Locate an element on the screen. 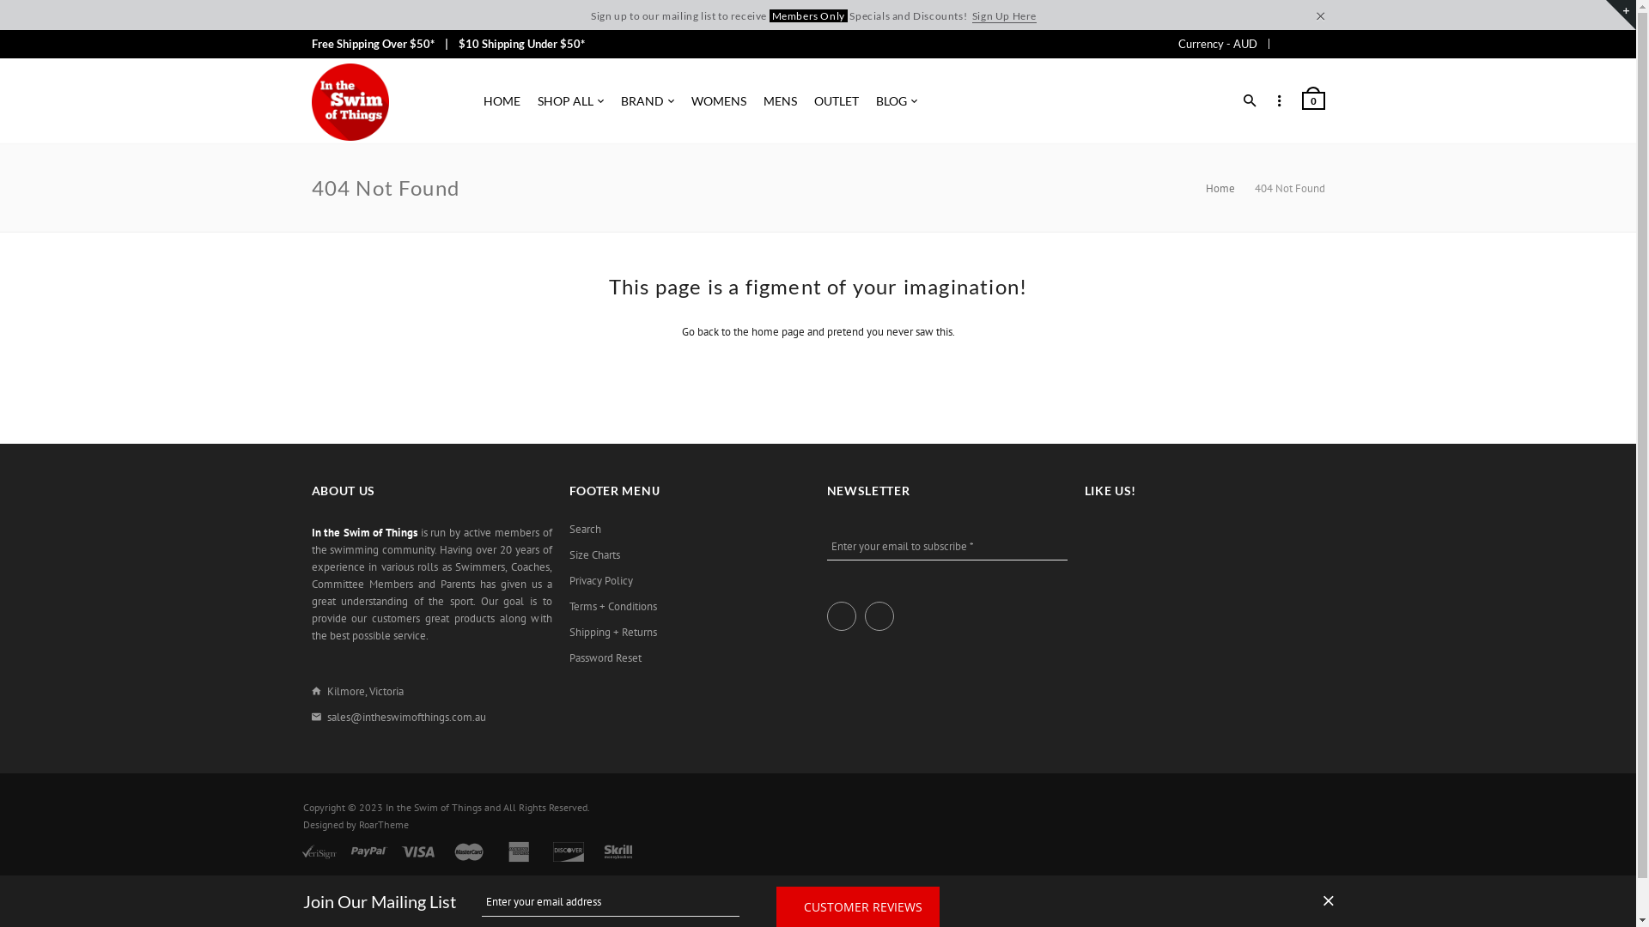  'SHOP ALL' is located at coordinates (570, 101).